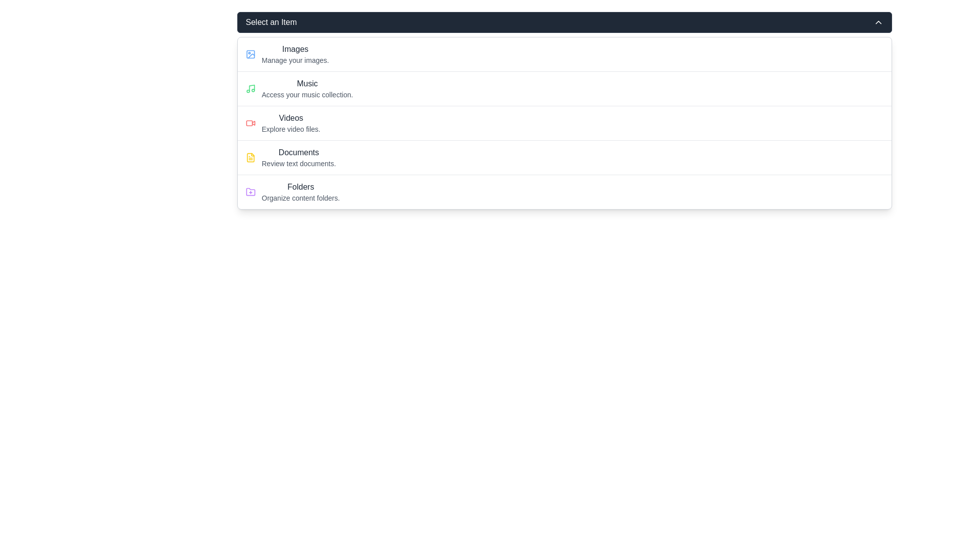  What do you see at coordinates (564, 22) in the screenshot?
I see `the Dropdown toggle button labeled 'Select an Item'` at bounding box center [564, 22].